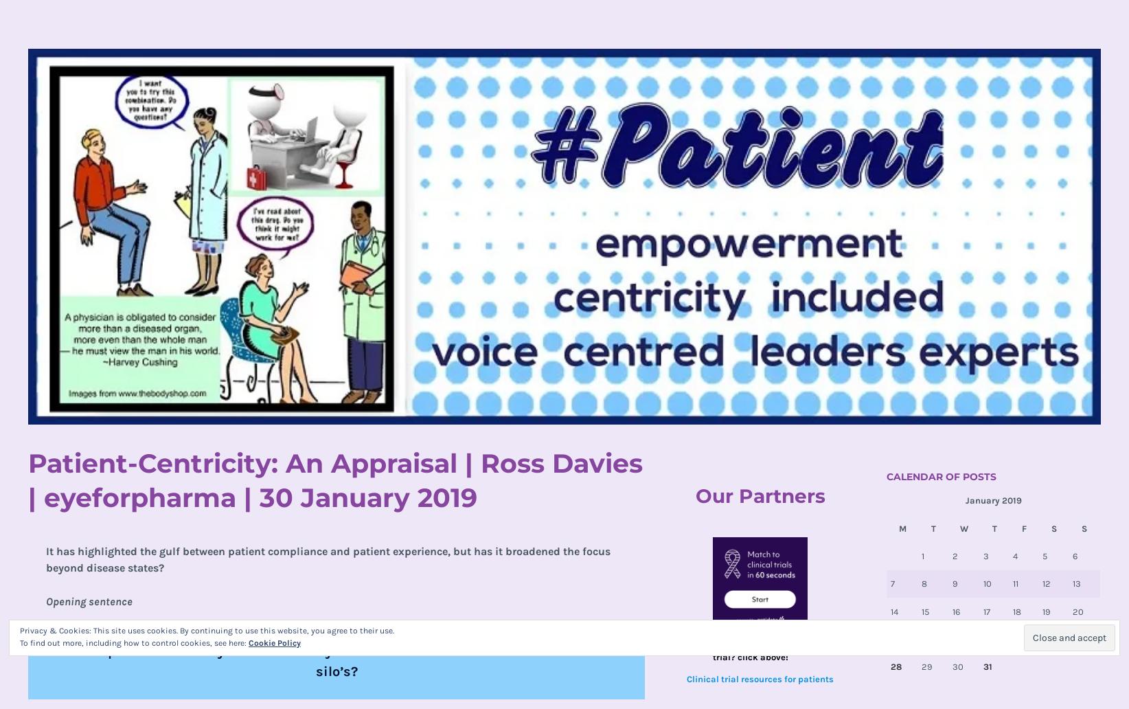  What do you see at coordinates (921, 556) in the screenshot?
I see `'1'` at bounding box center [921, 556].